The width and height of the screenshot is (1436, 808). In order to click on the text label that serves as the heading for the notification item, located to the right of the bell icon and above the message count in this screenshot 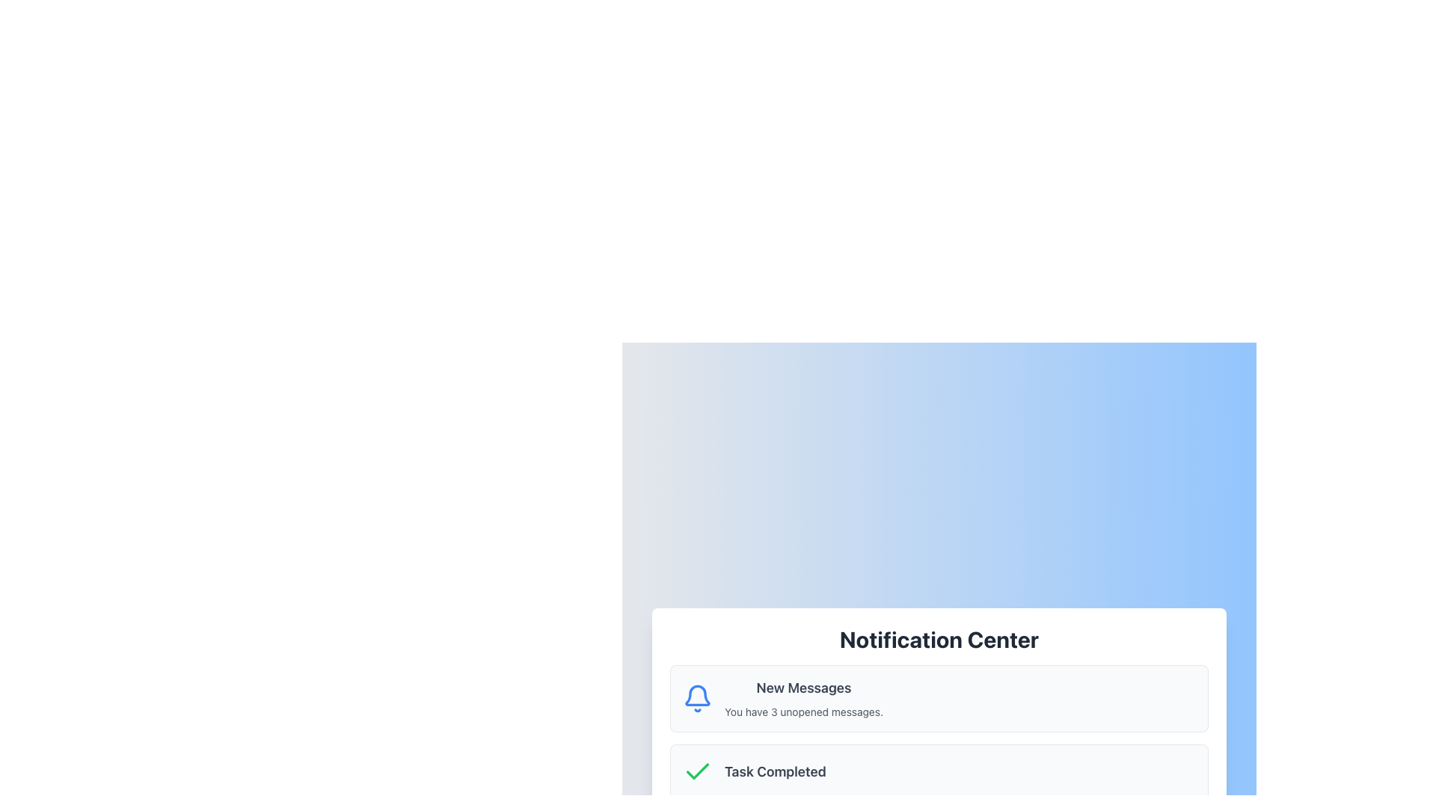, I will do `click(803, 688)`.